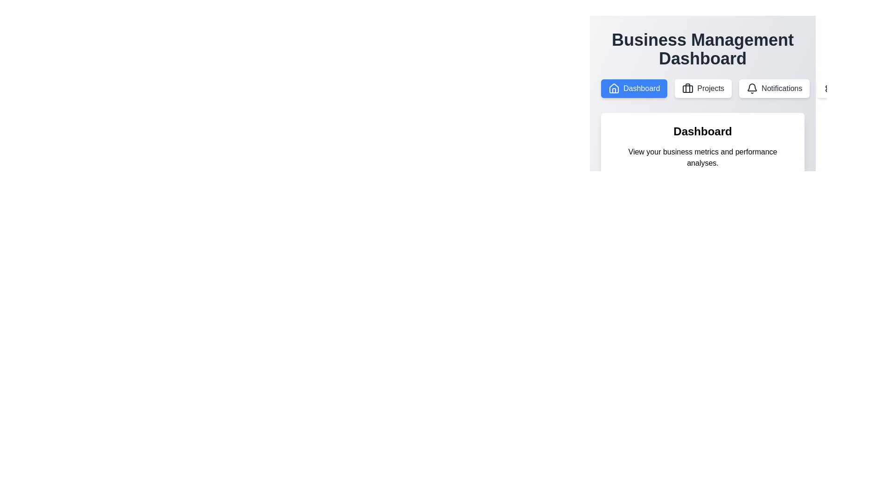 The image size is (896, 504). What do you see at coordinates (688, 88) in the screenshot?
I see `the icon that visually indicates an association with projects, located to the left of the 'Projects' label in the menu bar` at bounding box center [688, 88].